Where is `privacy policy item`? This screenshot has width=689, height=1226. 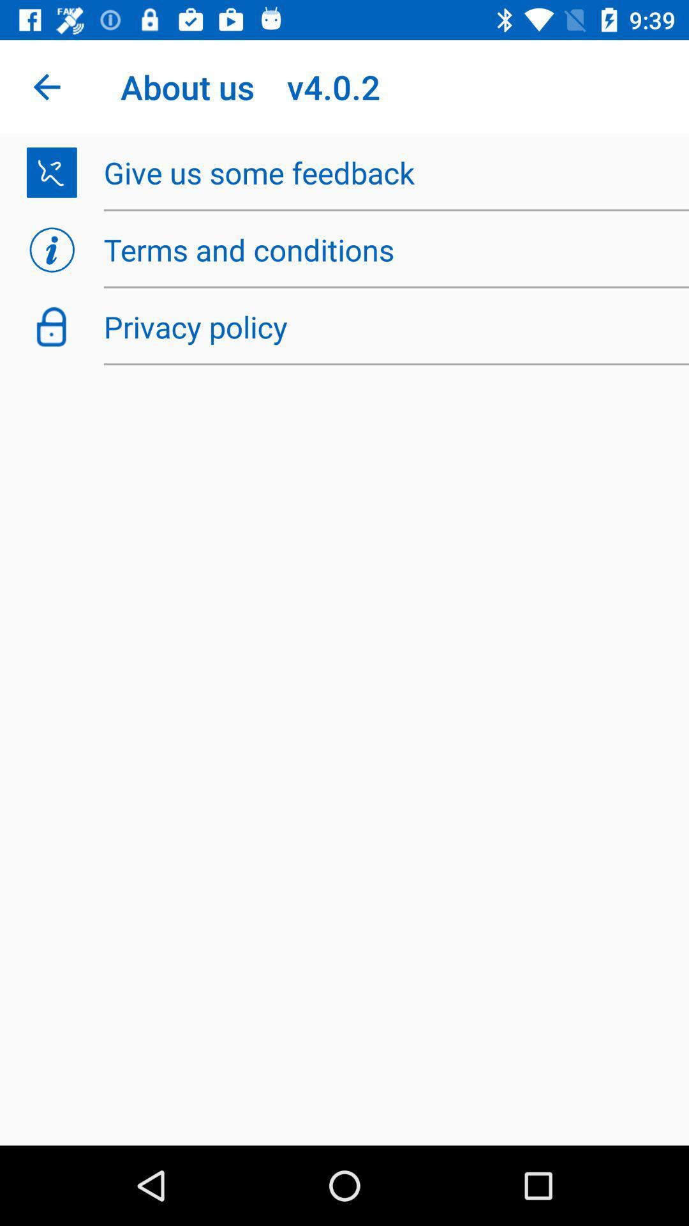
privacy policy item is located at coordinates (389, 326).